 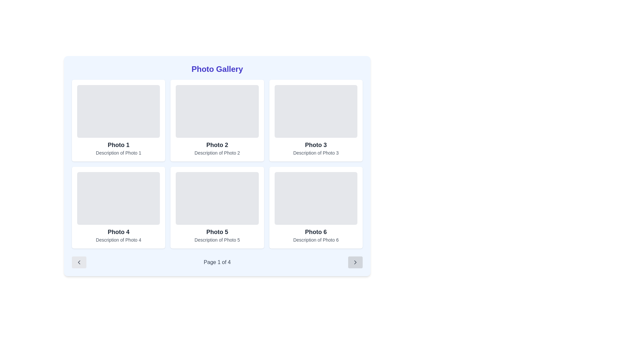 What do you see at coordinates (118, 232) in the screenshot?
I see `the text label that serves as a title or identifier for the associated card content, positioned below the image placeholder in the bottom-left cell of a 3x2 grid` at bounding box center [118, 232].